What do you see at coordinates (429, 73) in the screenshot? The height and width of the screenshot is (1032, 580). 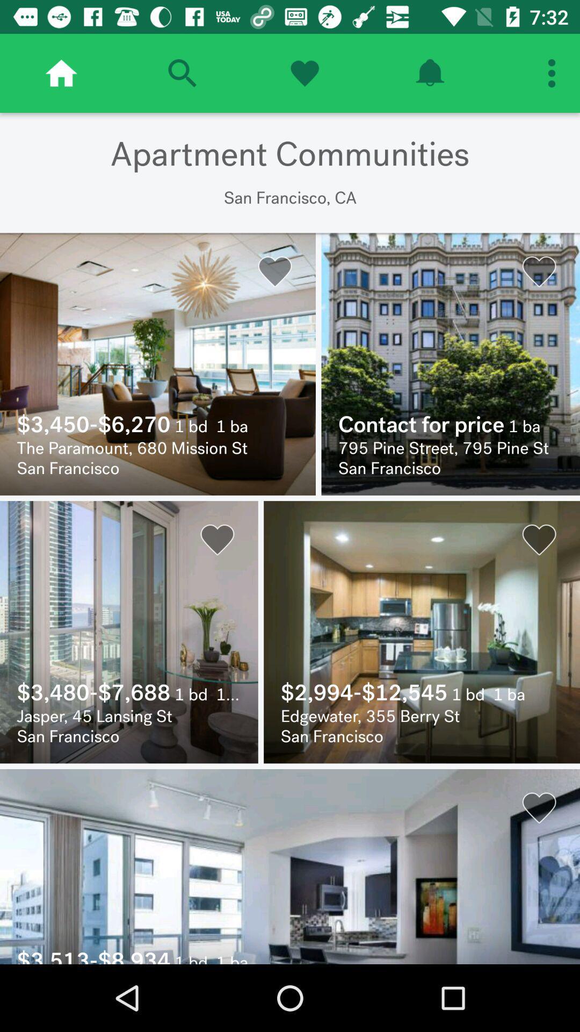 I see `icon` at bounding box center [429, 73].